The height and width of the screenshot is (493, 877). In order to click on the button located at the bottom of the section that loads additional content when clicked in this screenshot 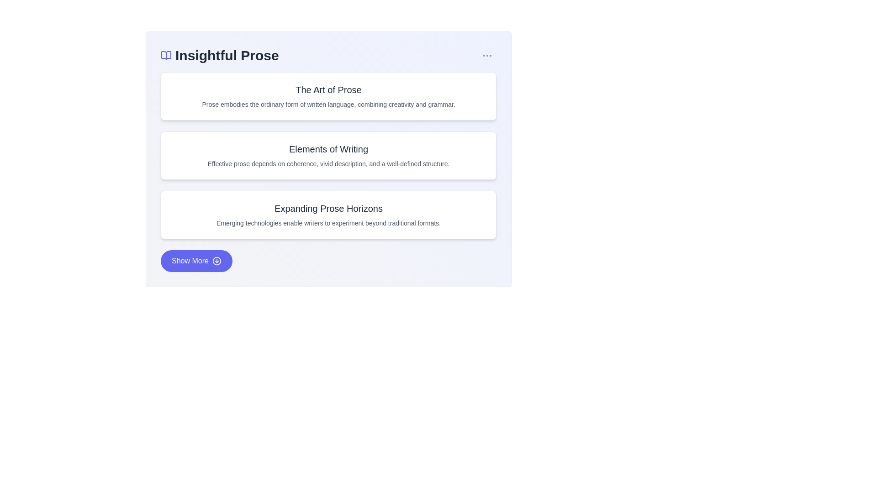, I will do `click(328, 261)`.